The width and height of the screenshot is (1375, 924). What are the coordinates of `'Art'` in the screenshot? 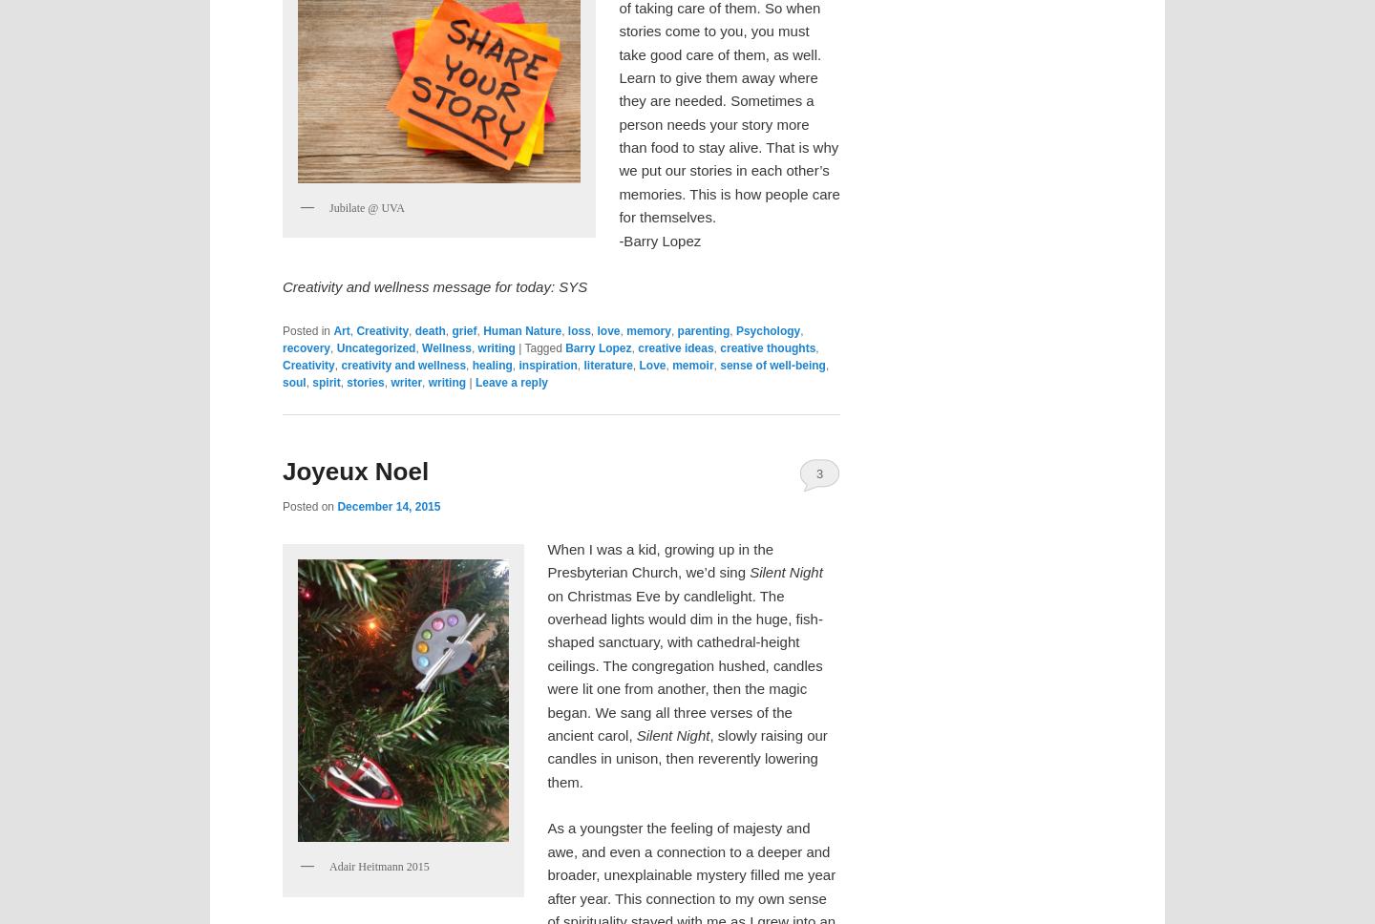 It's located at (333, 331).